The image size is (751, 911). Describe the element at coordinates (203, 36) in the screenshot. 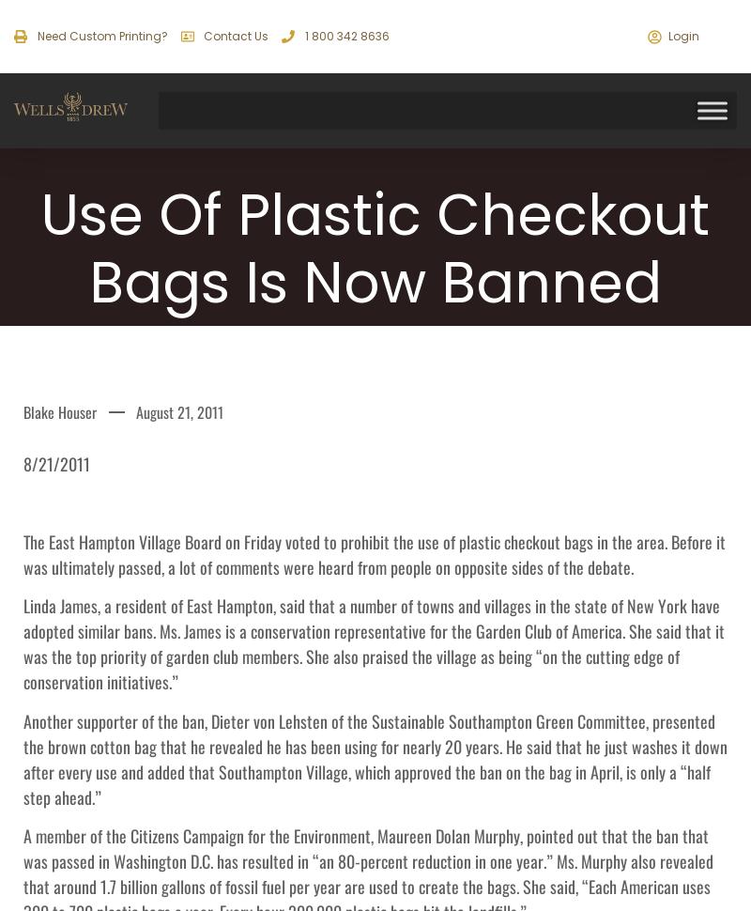

I see `'Contact Us'` at that location.